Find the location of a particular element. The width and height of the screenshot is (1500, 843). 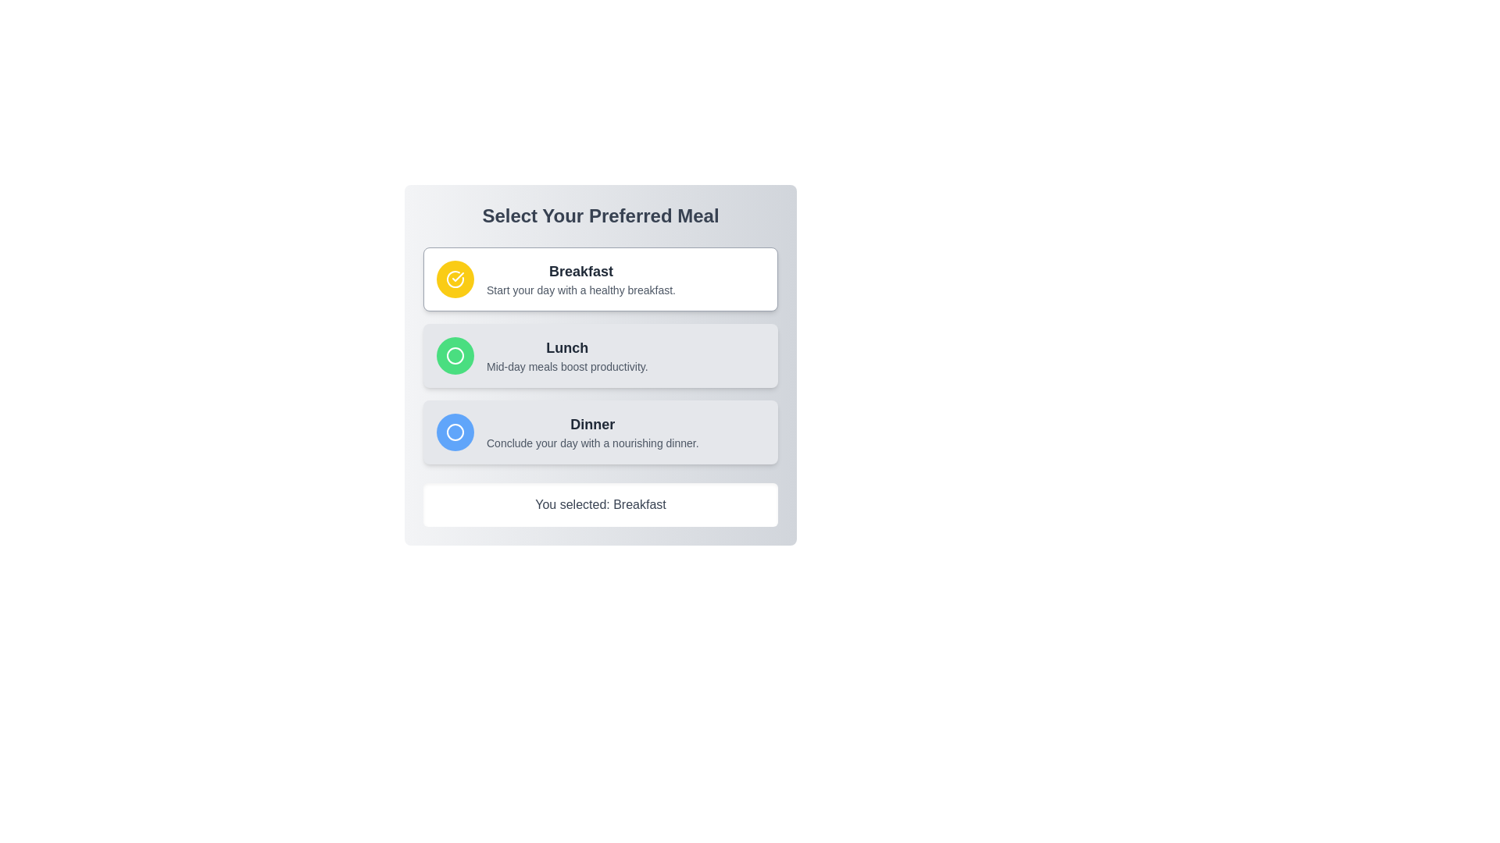

the area for interaction by moving the cursor to the graphical marker indicating the 'Dinner' category in the 'Select Your Preferred Meal' list is located at coordinates (454, 432).